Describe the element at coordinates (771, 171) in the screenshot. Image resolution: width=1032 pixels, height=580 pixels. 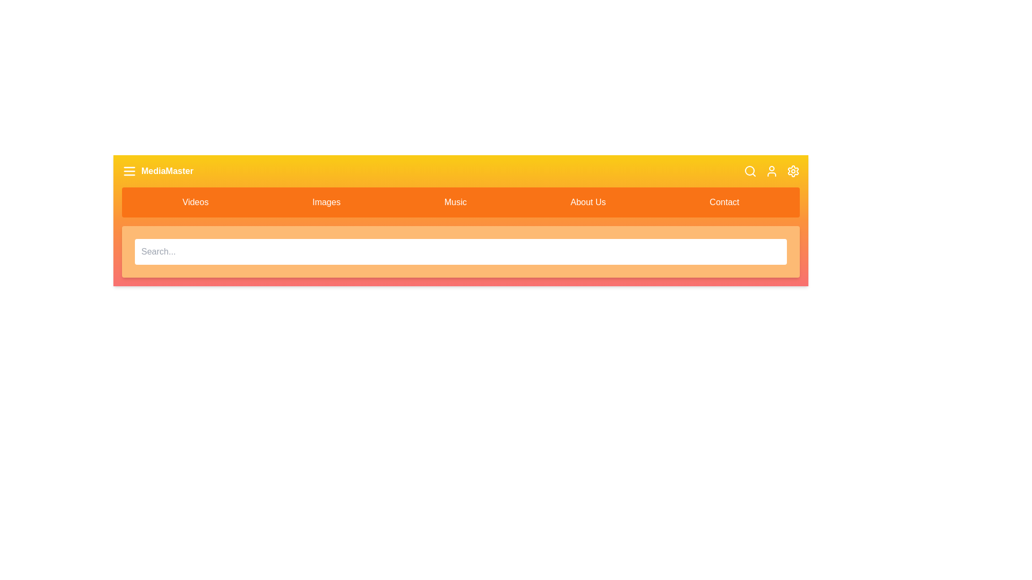
I see `the user icon in the app bar` at that location.